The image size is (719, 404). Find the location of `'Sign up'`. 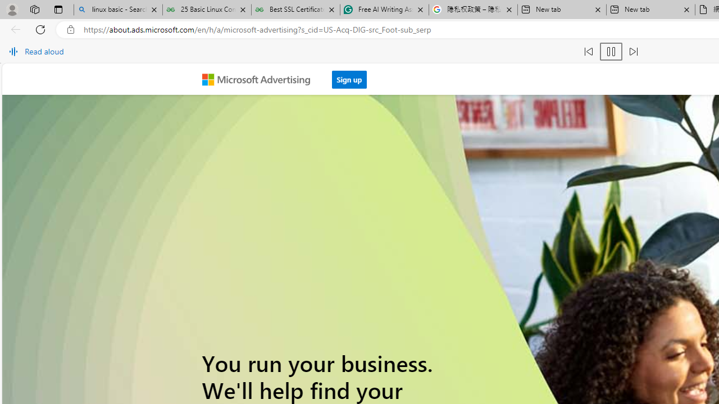

'Sign up' is located at coordinates (349, 79).